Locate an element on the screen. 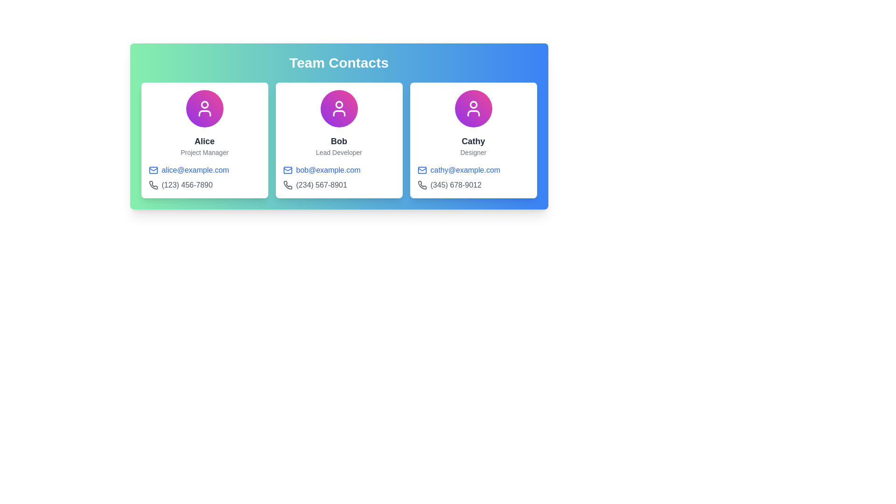 The image size is (896, 504). the email icon resembling an envelope with a blue outline, located to the left of 'alice@example.com' in the contact details card for 'Alice' is located at coordinates (153, 170).